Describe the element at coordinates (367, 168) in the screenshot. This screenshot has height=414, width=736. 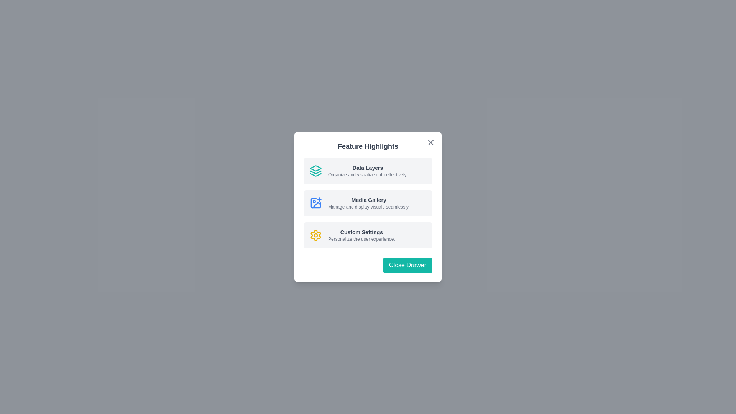
I see `the text label that serves as the title for the feature section, located above the description text 'Organize and visualize data effectively.' in the 'Feature Highlights' card layout` at that location.